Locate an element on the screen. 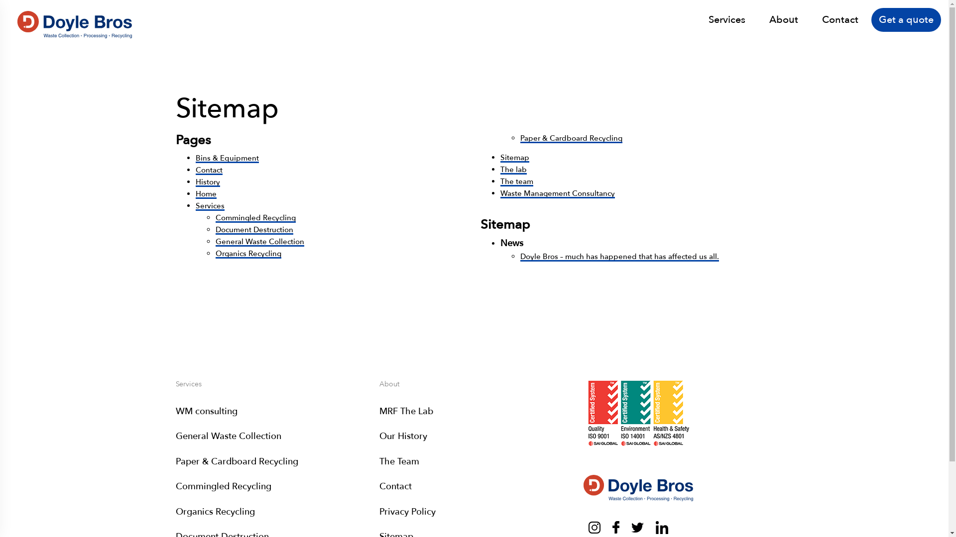 This screenshot has width=956, height=537. 'History' is located at coordinates (207, 182).